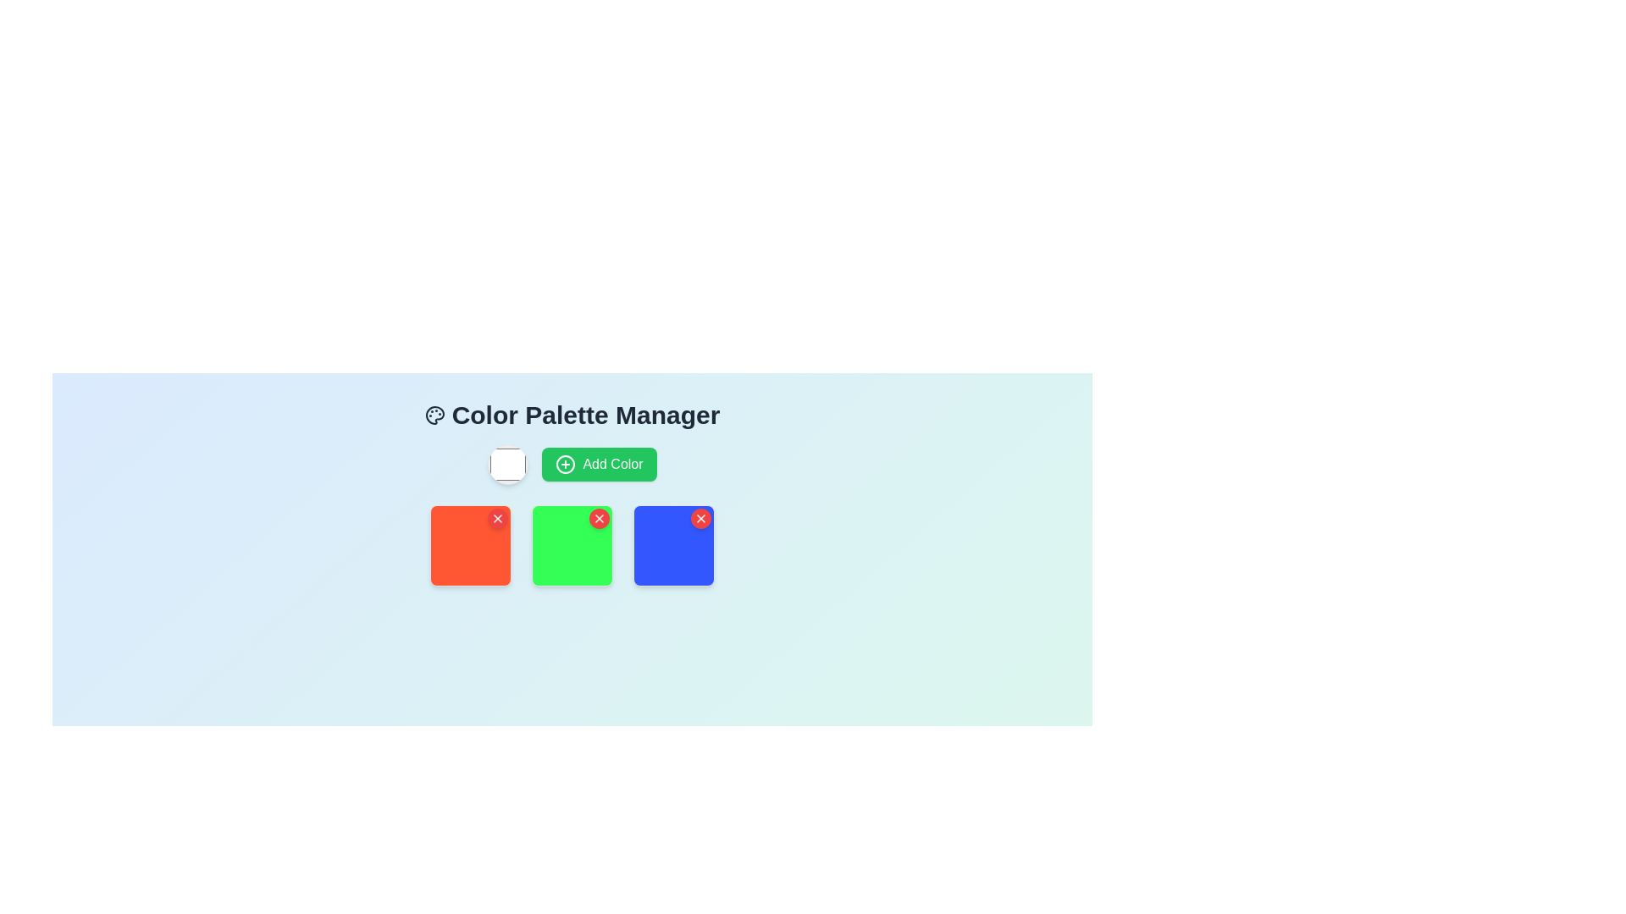 This screenshot has height=914, width=1626. I want to click on the first color block, so click(471, 545).